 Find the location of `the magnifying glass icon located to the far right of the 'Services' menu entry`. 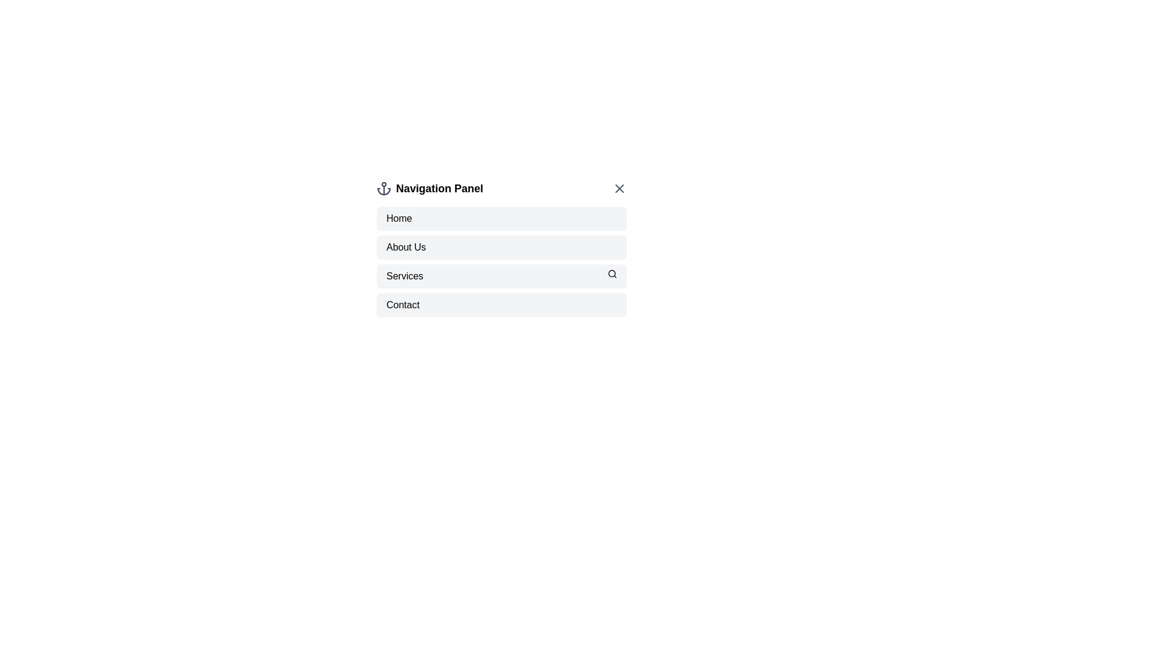

the magnifying glass icon located to the far right of the 'Services' menu entry is located at coordinates (612, 273).